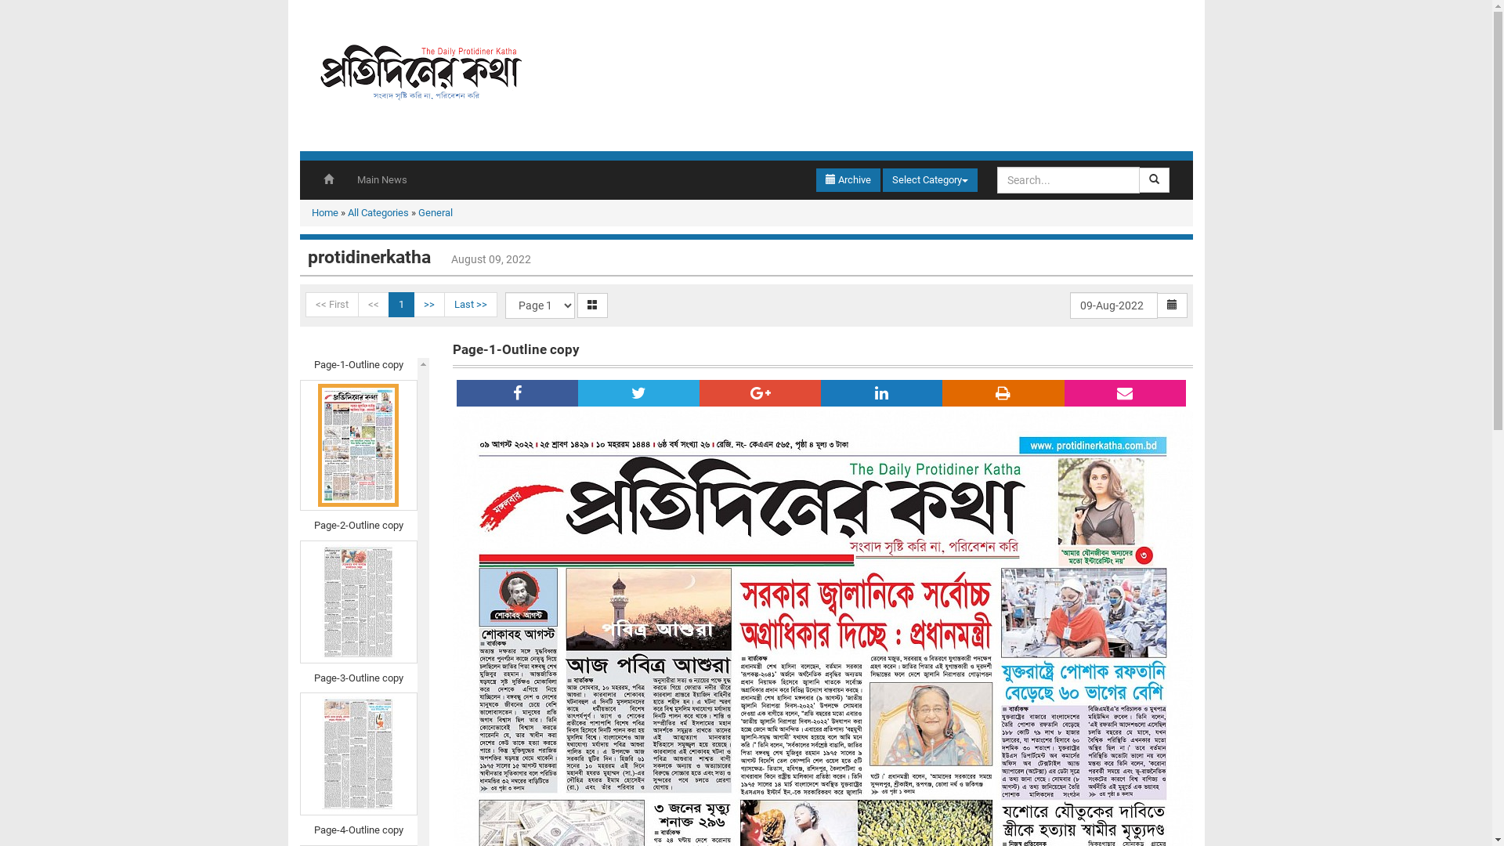 This screenshot has width=1504, height=846. What do you see at coordinates (371, 305) in the screenshot?
I see `'<<'` at bounding box center [371, 305].